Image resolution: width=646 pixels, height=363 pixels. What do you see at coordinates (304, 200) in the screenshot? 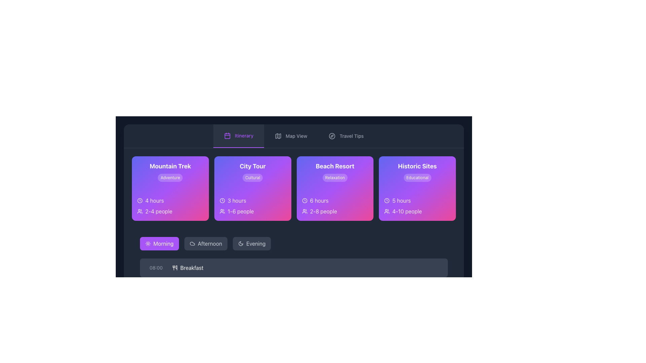
I see `SVG Circle element that represents the clock face in the Beach Resort card, located in the bottom-right area of the card` at bounding box center [304, 200].